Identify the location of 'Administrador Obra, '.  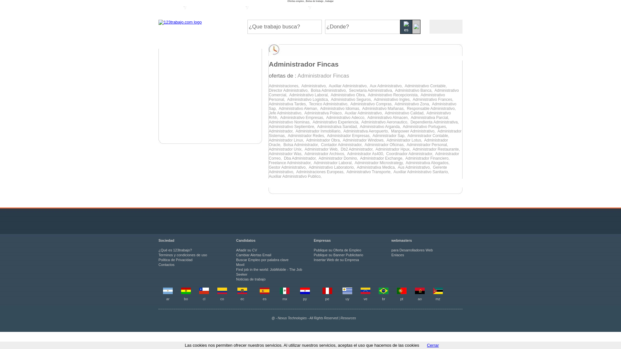
(324, 140).